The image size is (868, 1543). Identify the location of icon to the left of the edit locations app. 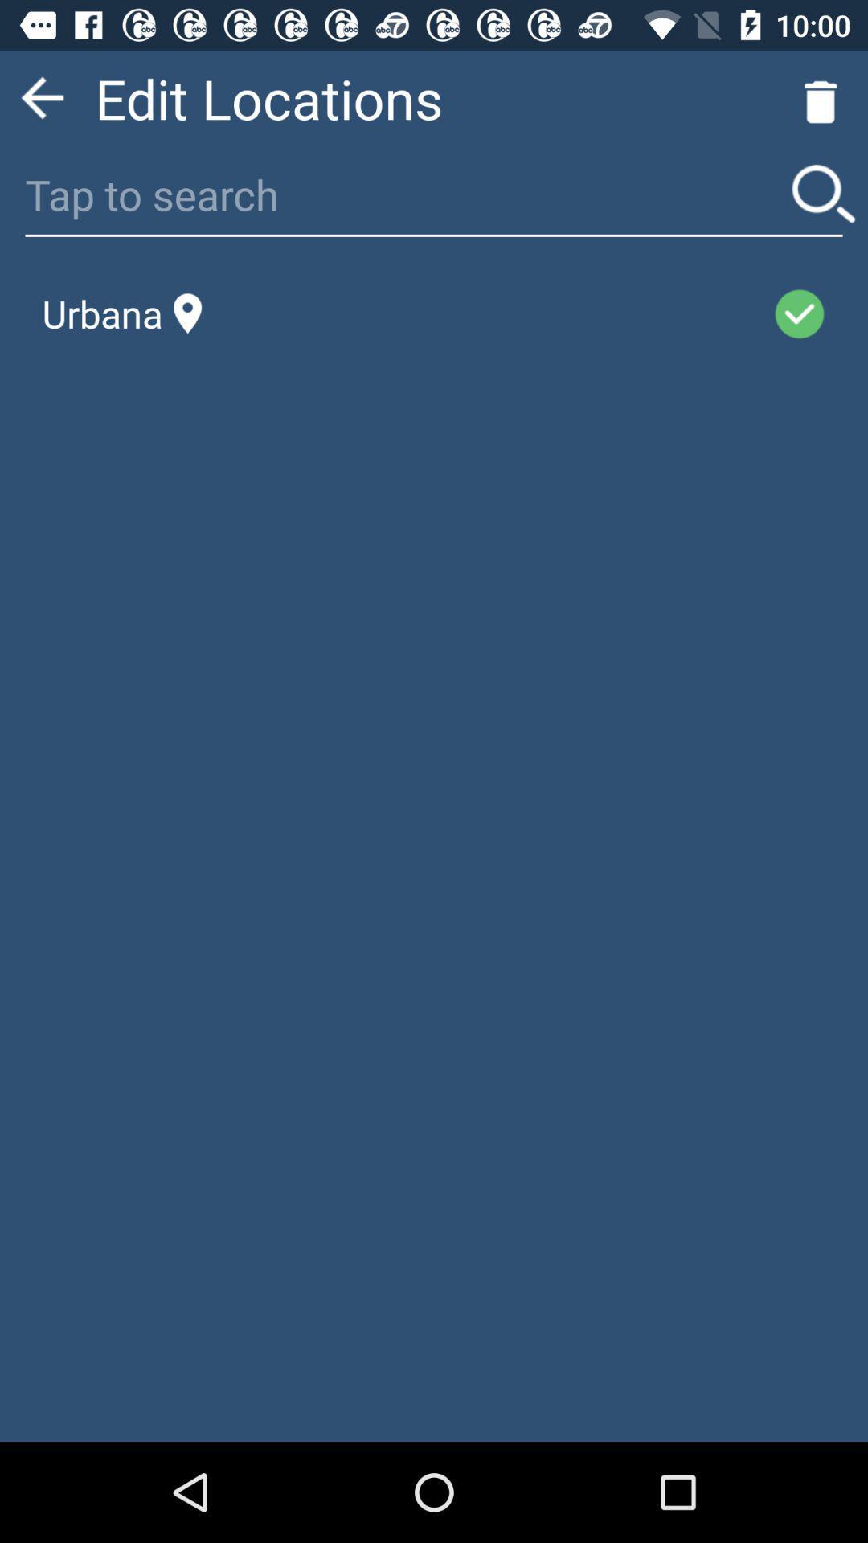
(41, 96).